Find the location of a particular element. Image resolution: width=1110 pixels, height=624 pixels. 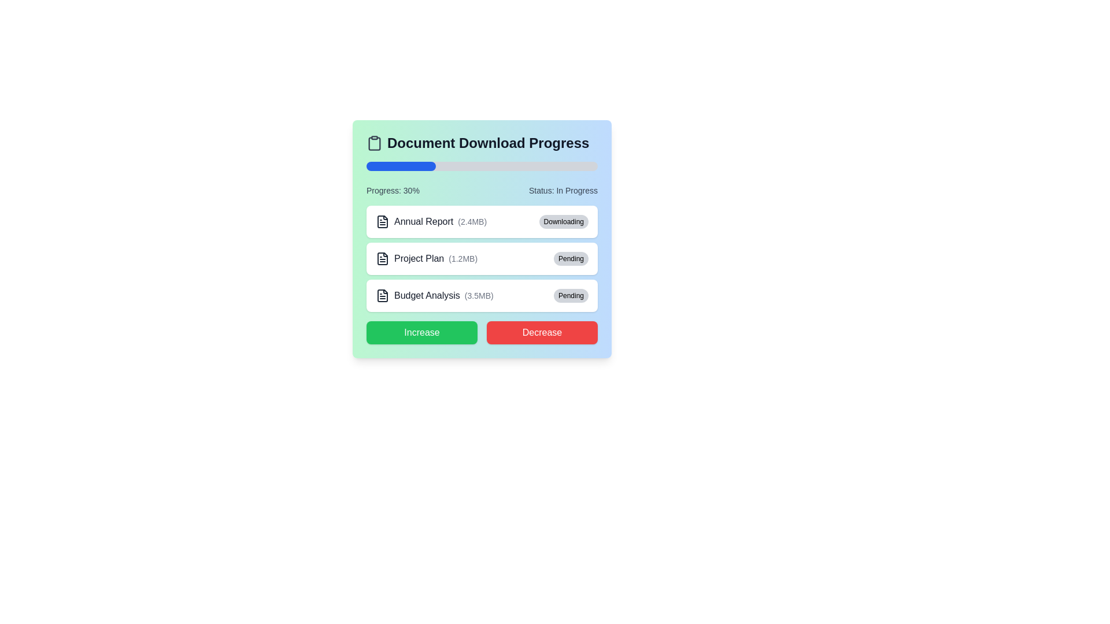

the document icon next to the 'Annual Report (2.4MB)' label, which features a minimalist design with a folded top-right corner and horizontal lines inside representing text is located at coordinates (383, 222).